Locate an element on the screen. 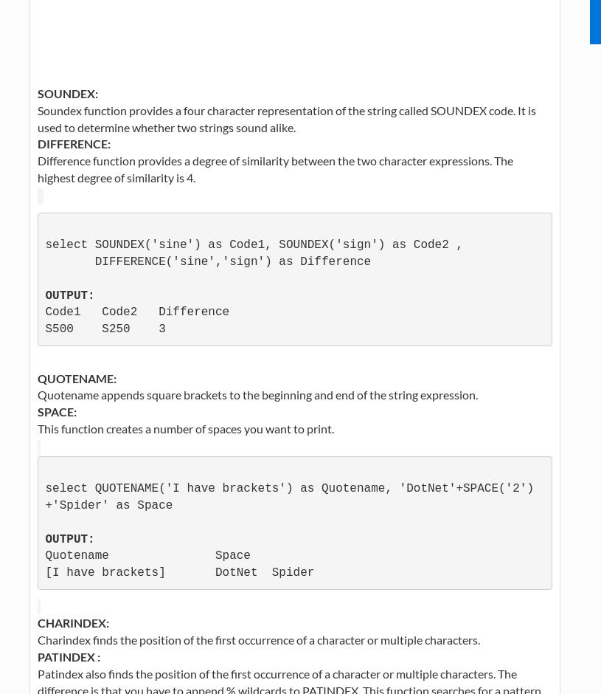 The width and height of the screenshot is (601, 694). 'DIFFERENCE('sine','sign') as Difference' is located at coordinates (44, 261).